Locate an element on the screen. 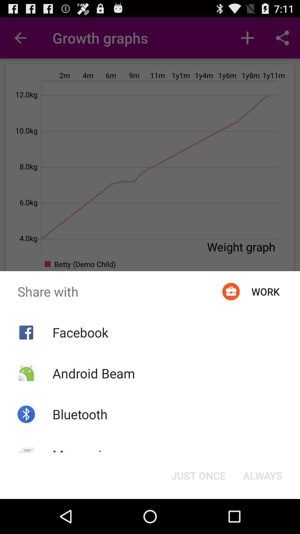  the item next to the just once icon is located at coordinates (262, 475).